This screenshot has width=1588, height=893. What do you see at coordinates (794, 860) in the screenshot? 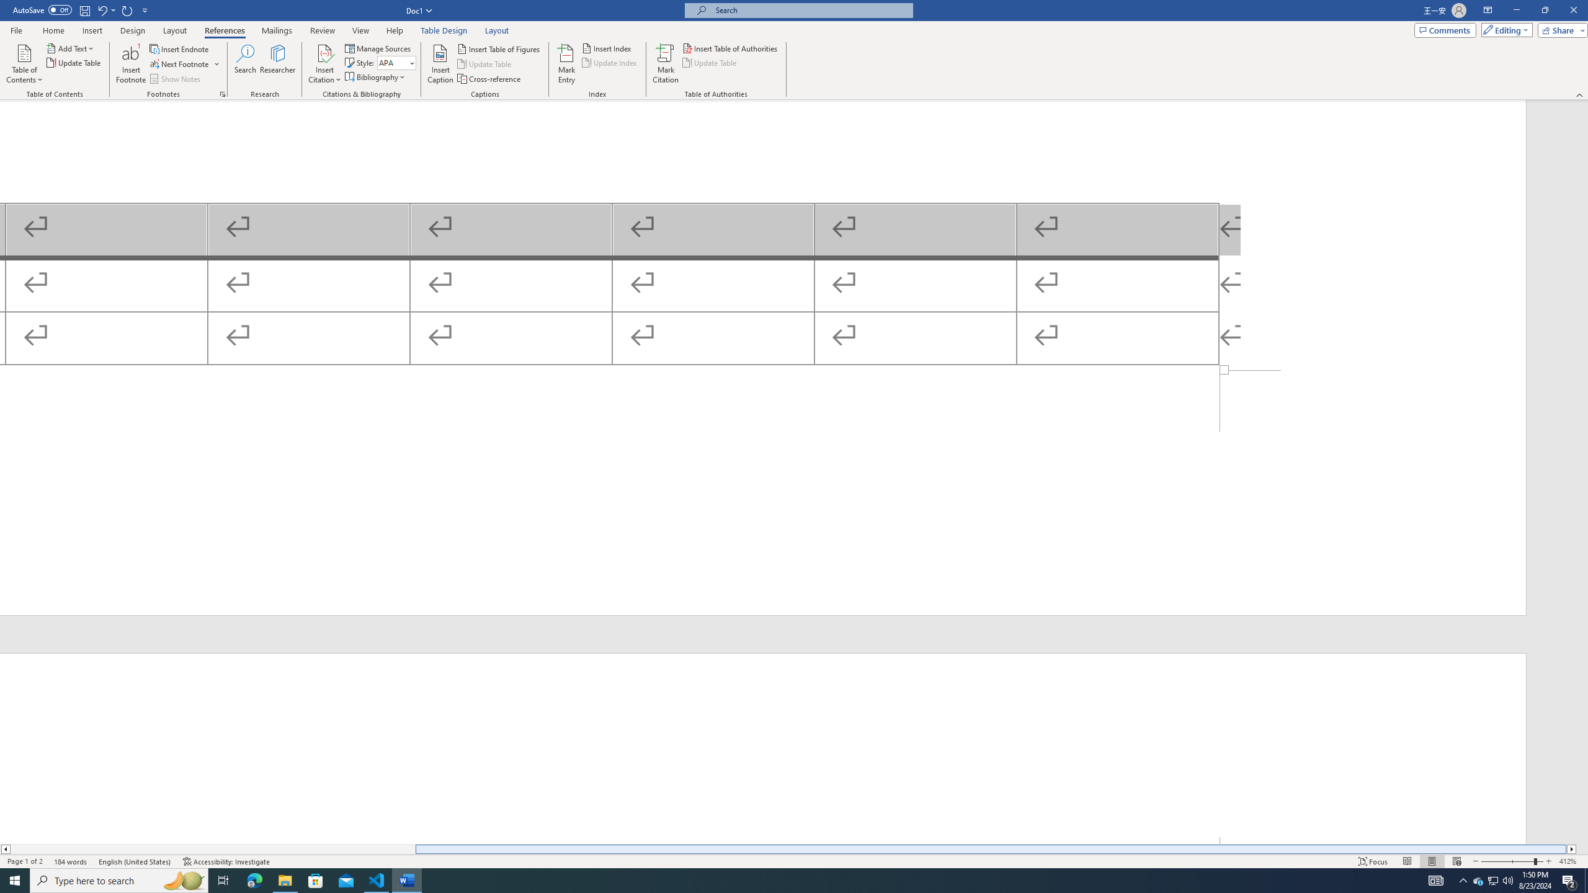
I see `'Class: MsoCommandBar'` at bounding box center [794, 860].